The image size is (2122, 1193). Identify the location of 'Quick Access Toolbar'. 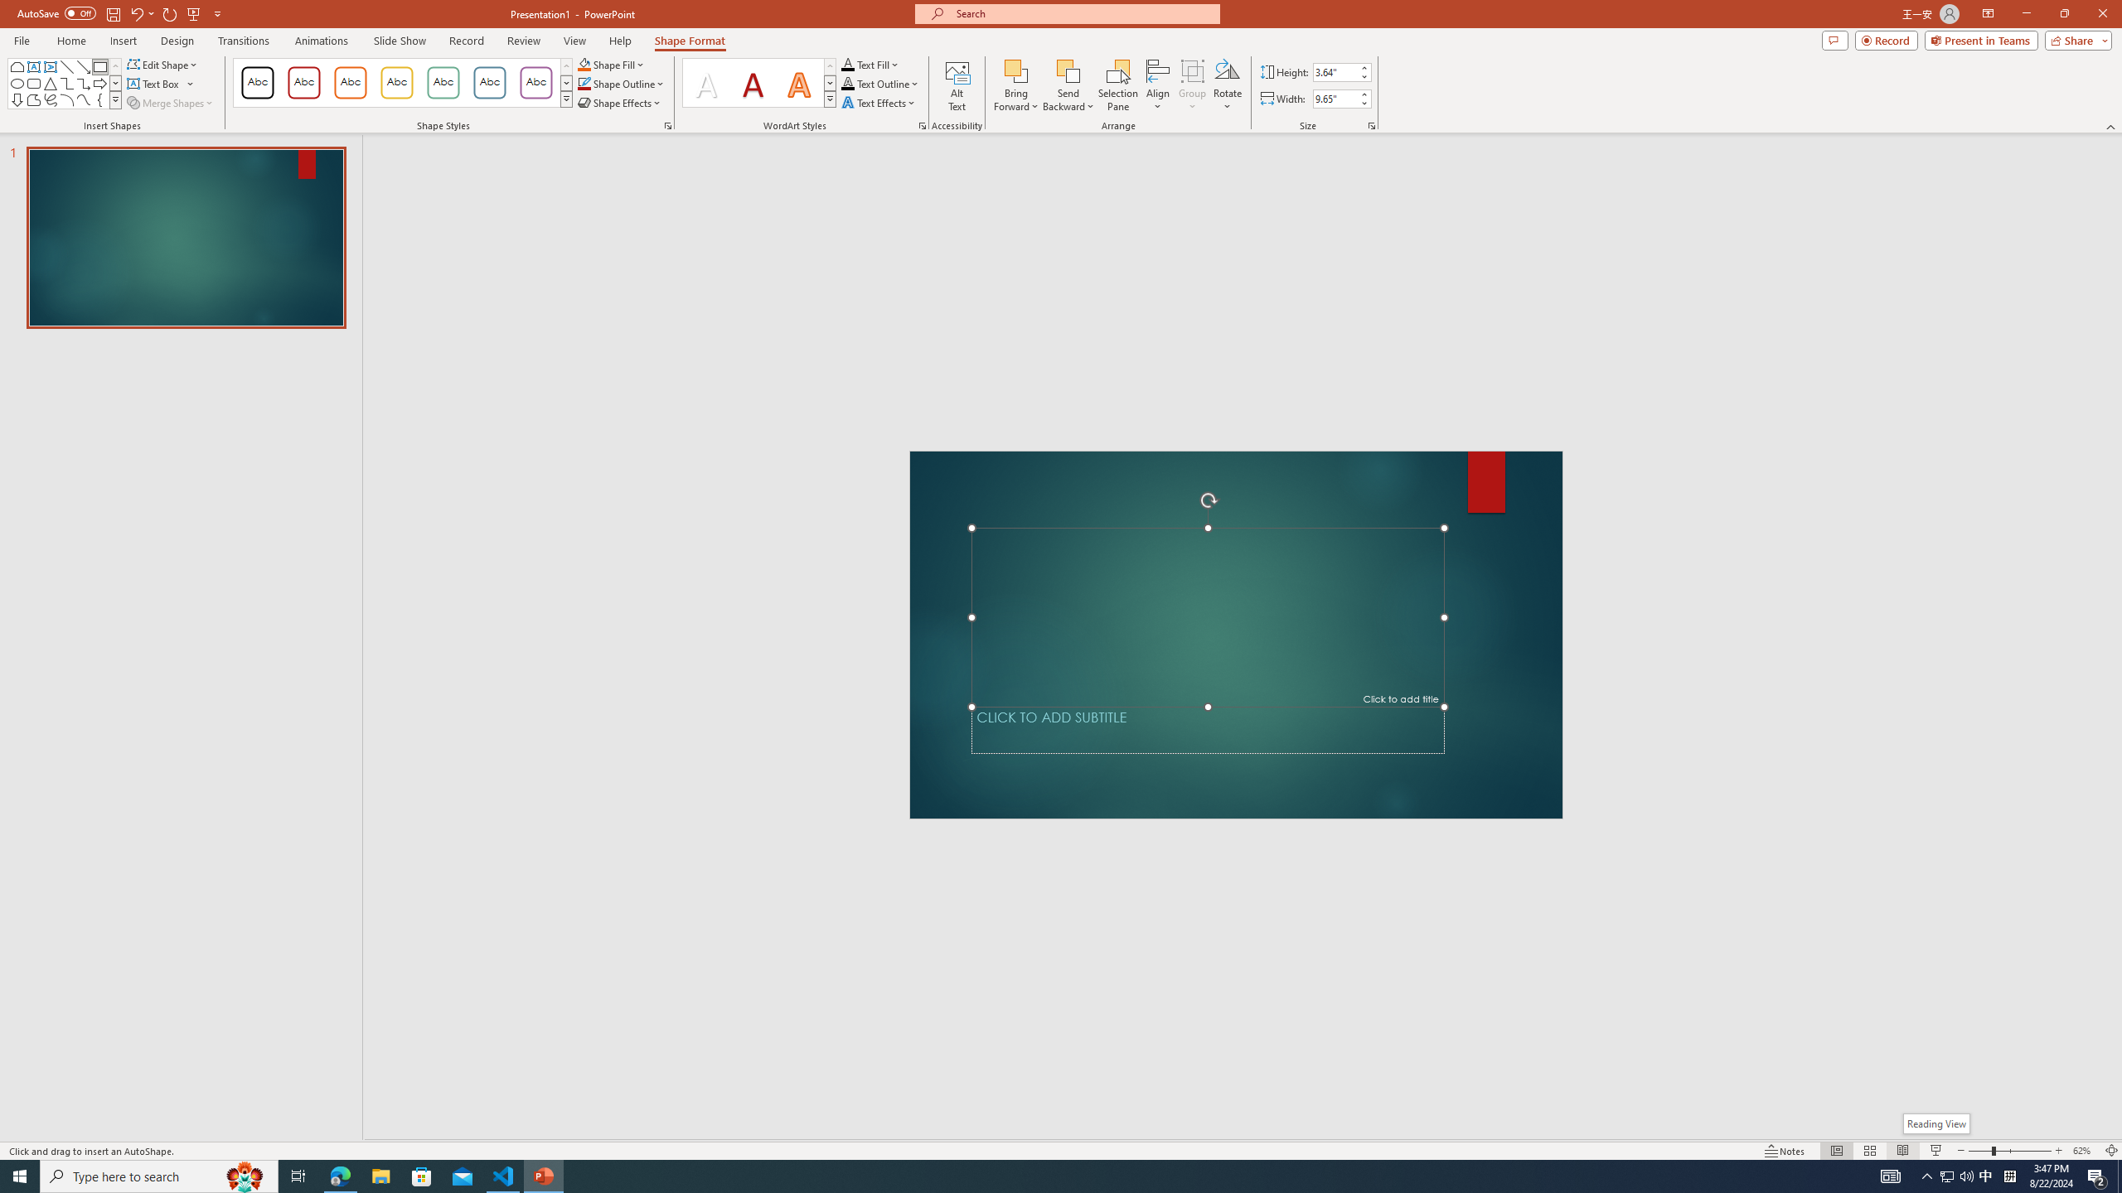
(119, 13).